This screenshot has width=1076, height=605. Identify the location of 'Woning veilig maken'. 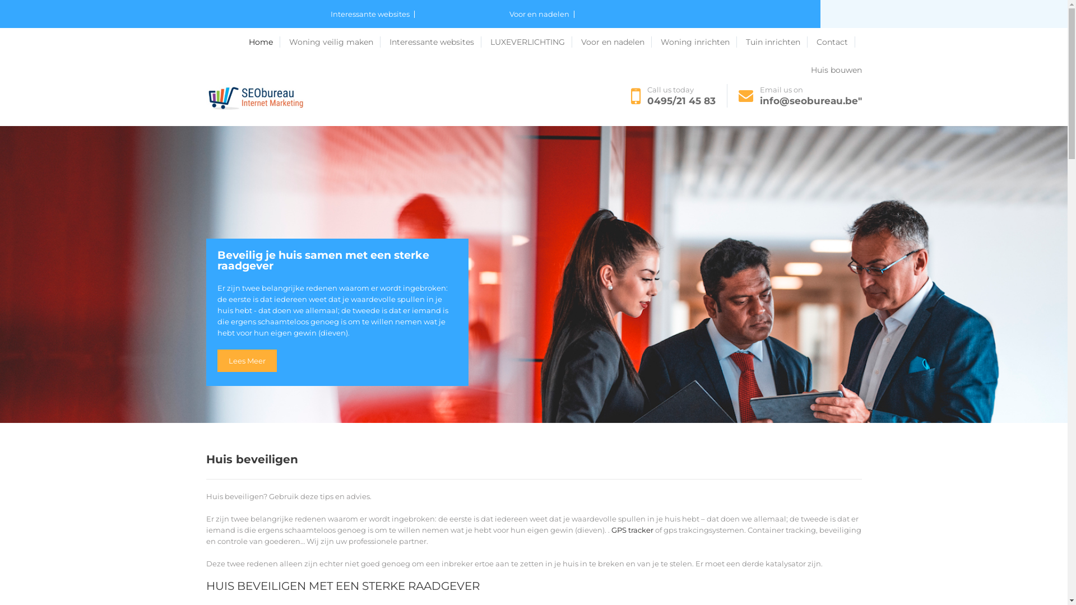
(282, 41).